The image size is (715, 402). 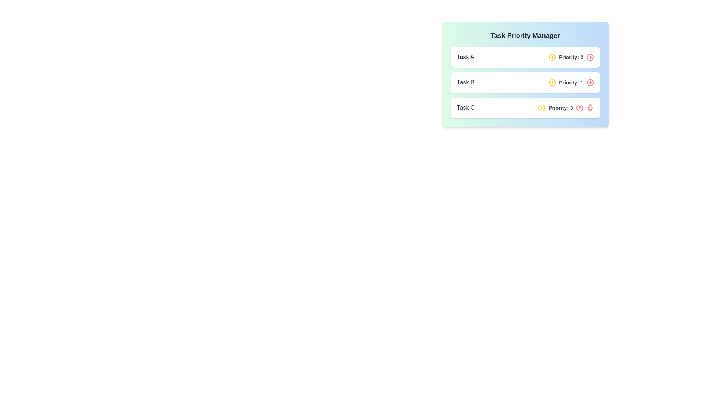 What do you see at coordinates (590, 107) in the screenshot?
I see `the Decorative icon representing the urgency level for 'Task C' in the 'Task Priority Manager' interface` at bounding box center [590, 107].